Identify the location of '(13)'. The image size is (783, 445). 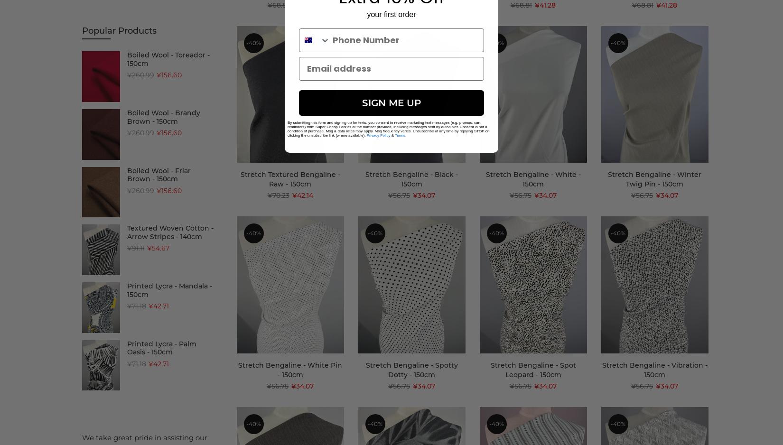
(117, 31).